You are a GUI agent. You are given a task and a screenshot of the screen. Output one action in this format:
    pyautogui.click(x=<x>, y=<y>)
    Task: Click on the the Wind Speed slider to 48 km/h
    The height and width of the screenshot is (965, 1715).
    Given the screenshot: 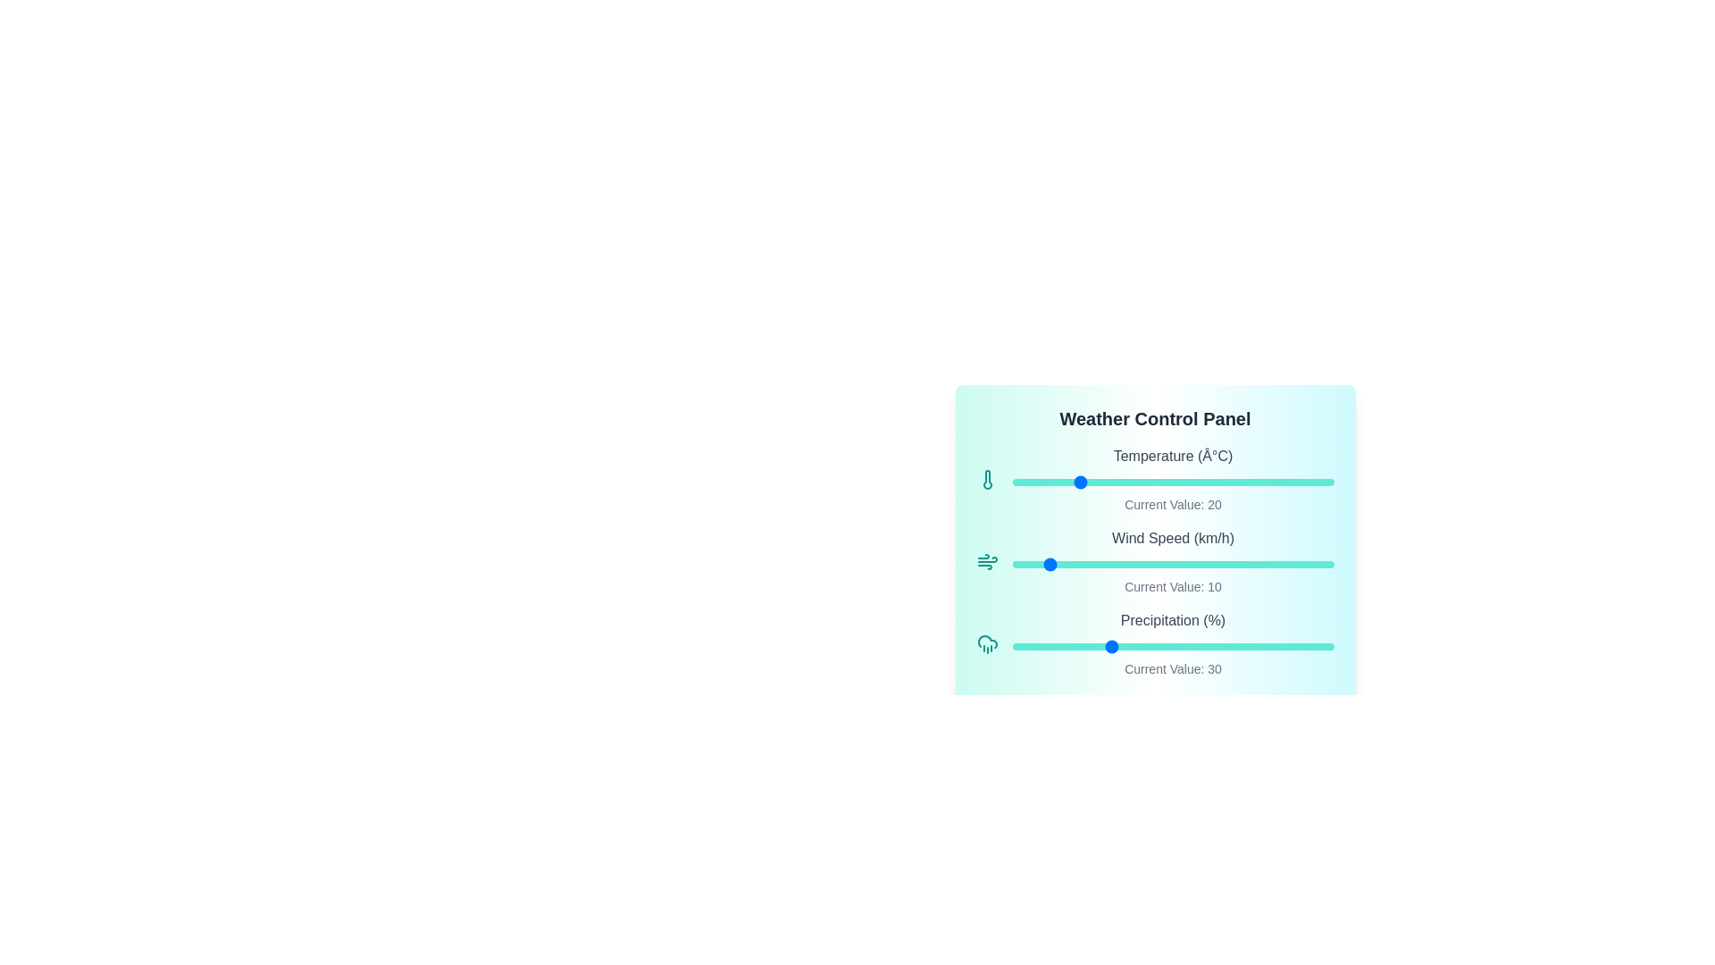 What is the action you would take?
    pyautogui.click(x=1167, y=565)
    